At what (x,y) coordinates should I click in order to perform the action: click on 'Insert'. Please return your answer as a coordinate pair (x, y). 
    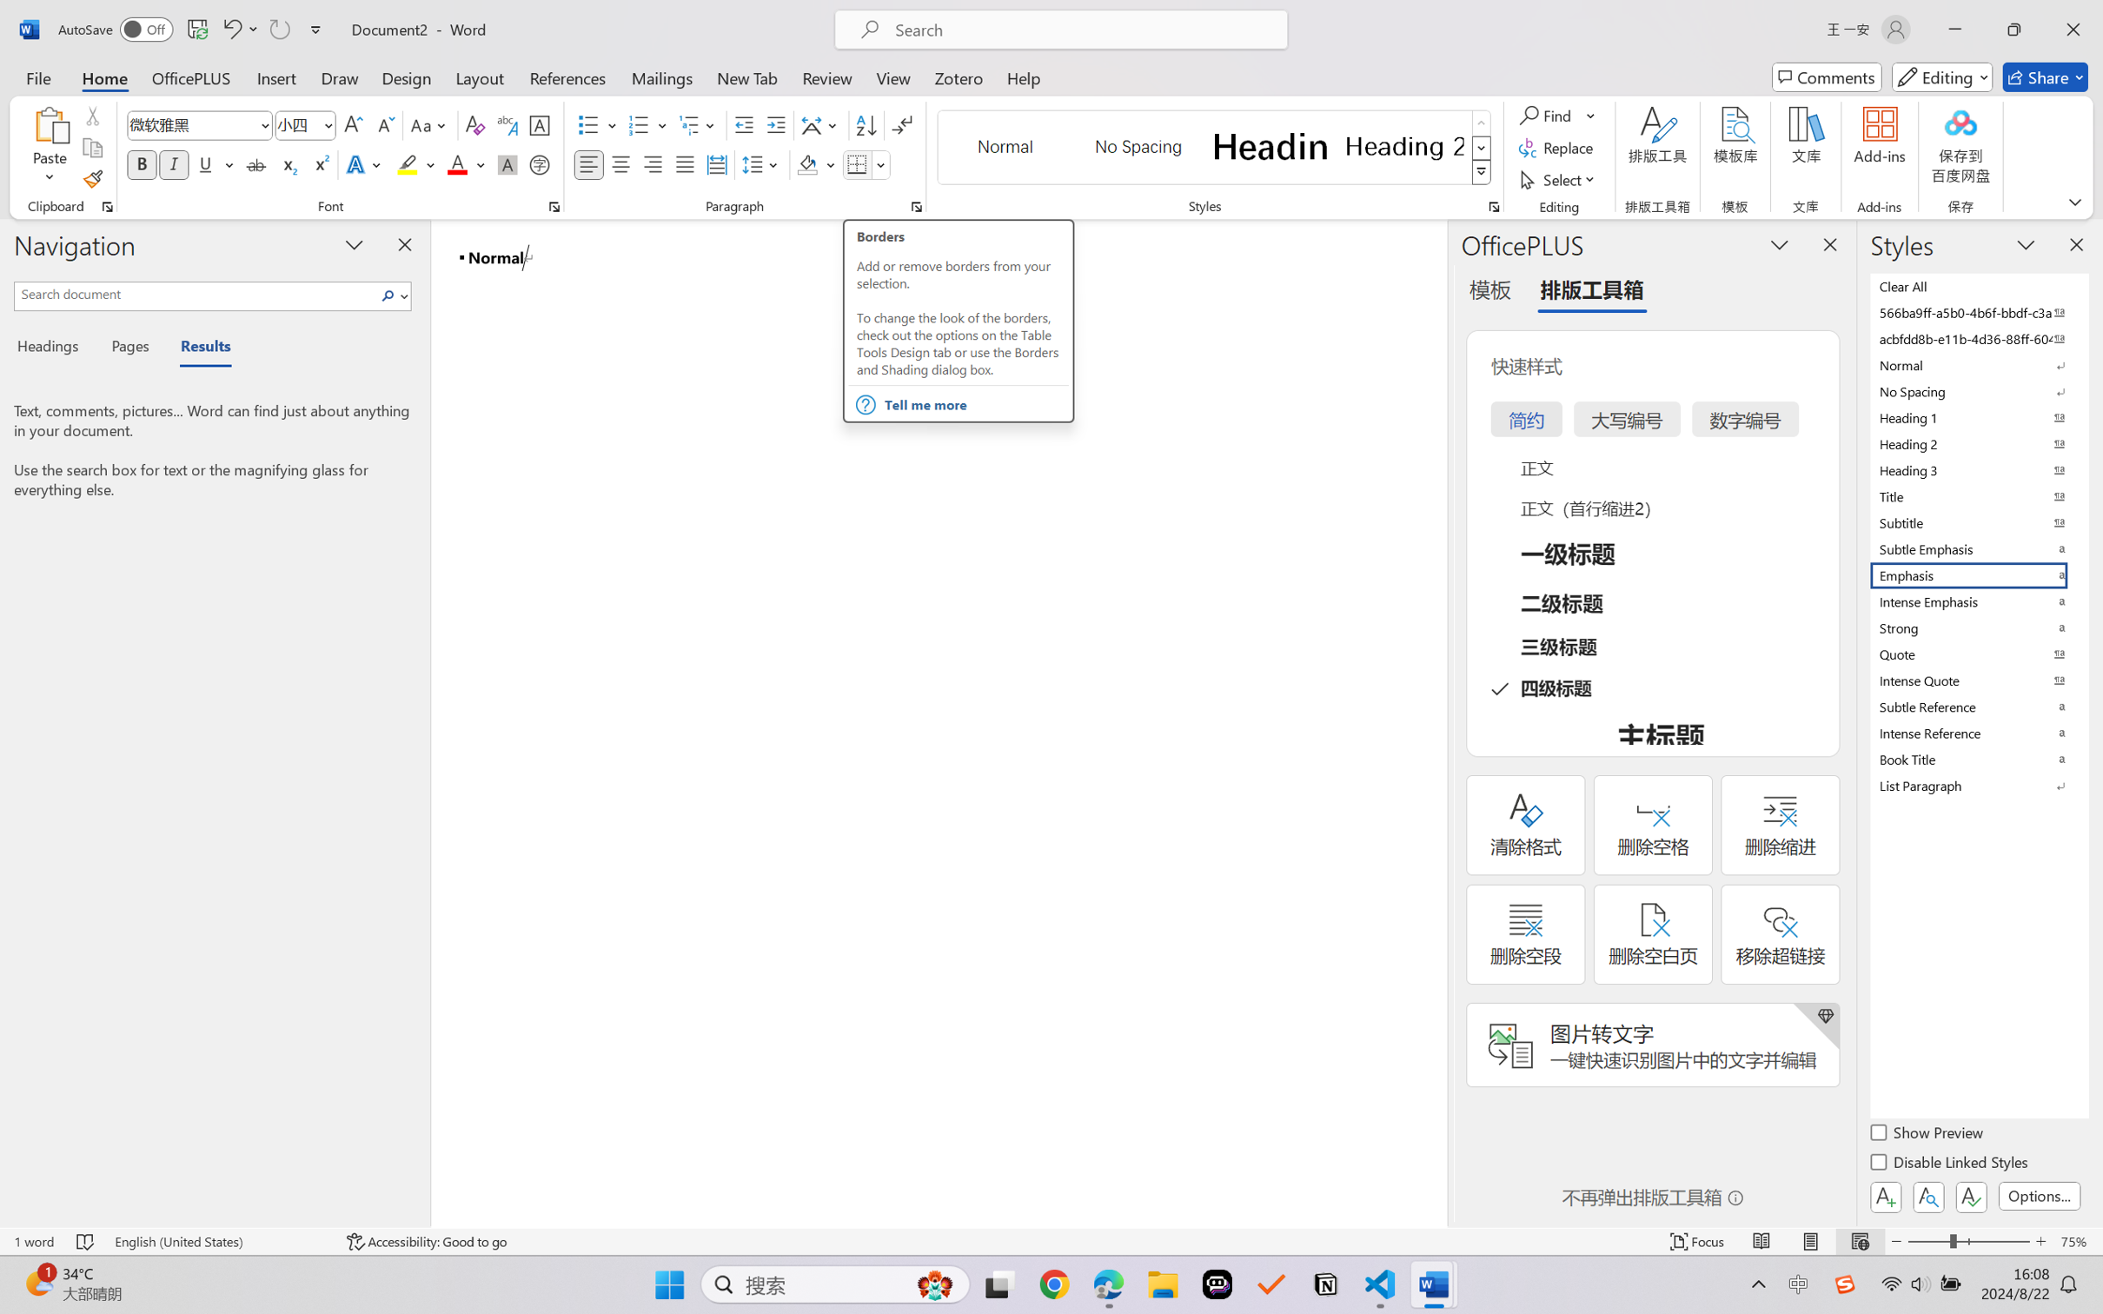
    Looking at the image, I should click on (275, 76).